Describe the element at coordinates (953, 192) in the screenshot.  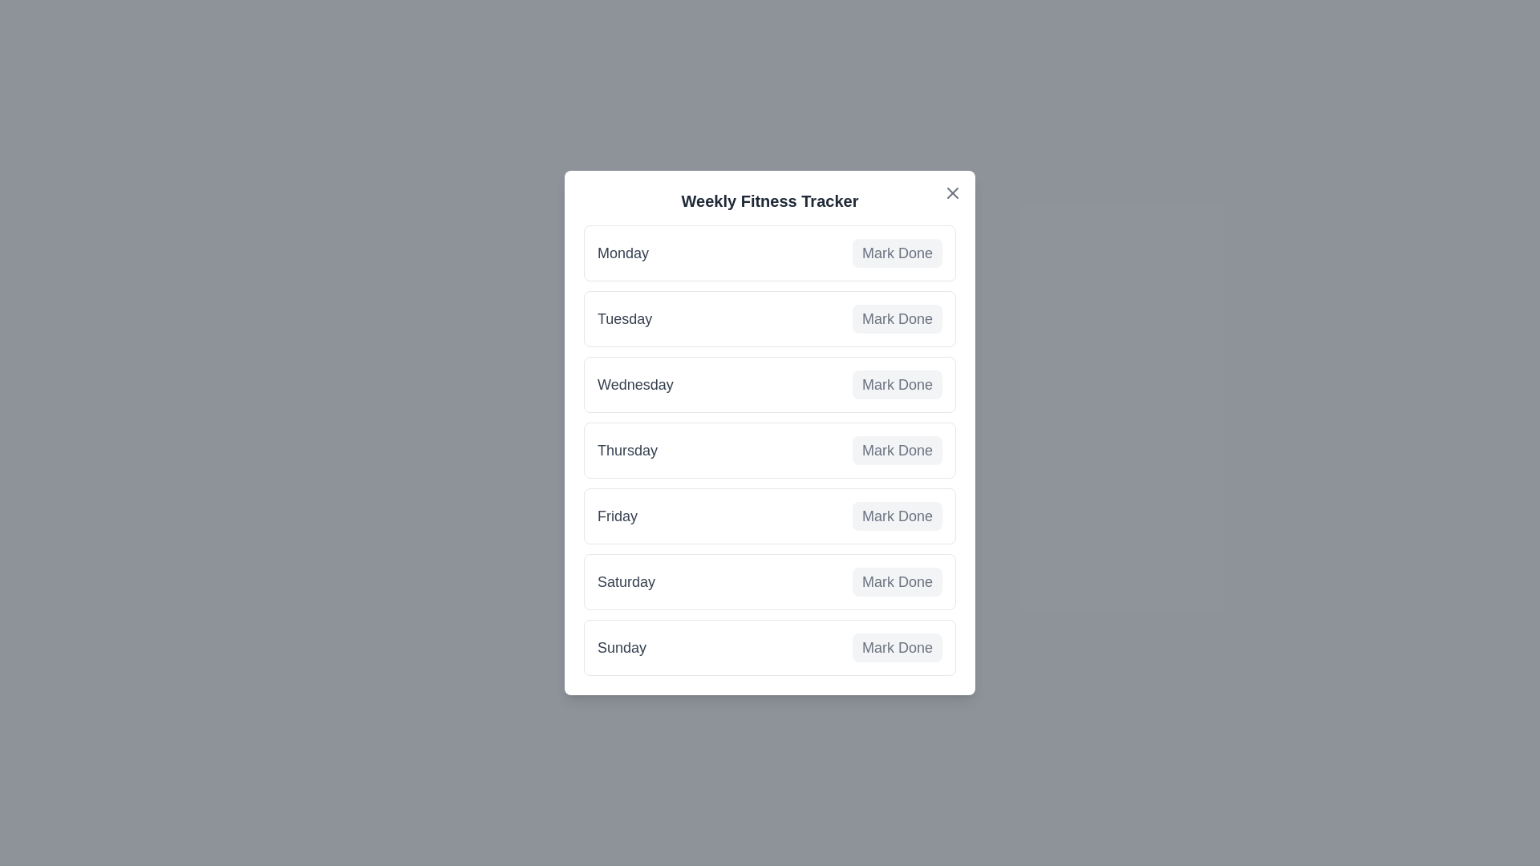
I see `the 'X' button to close the tracker modal` at that location.